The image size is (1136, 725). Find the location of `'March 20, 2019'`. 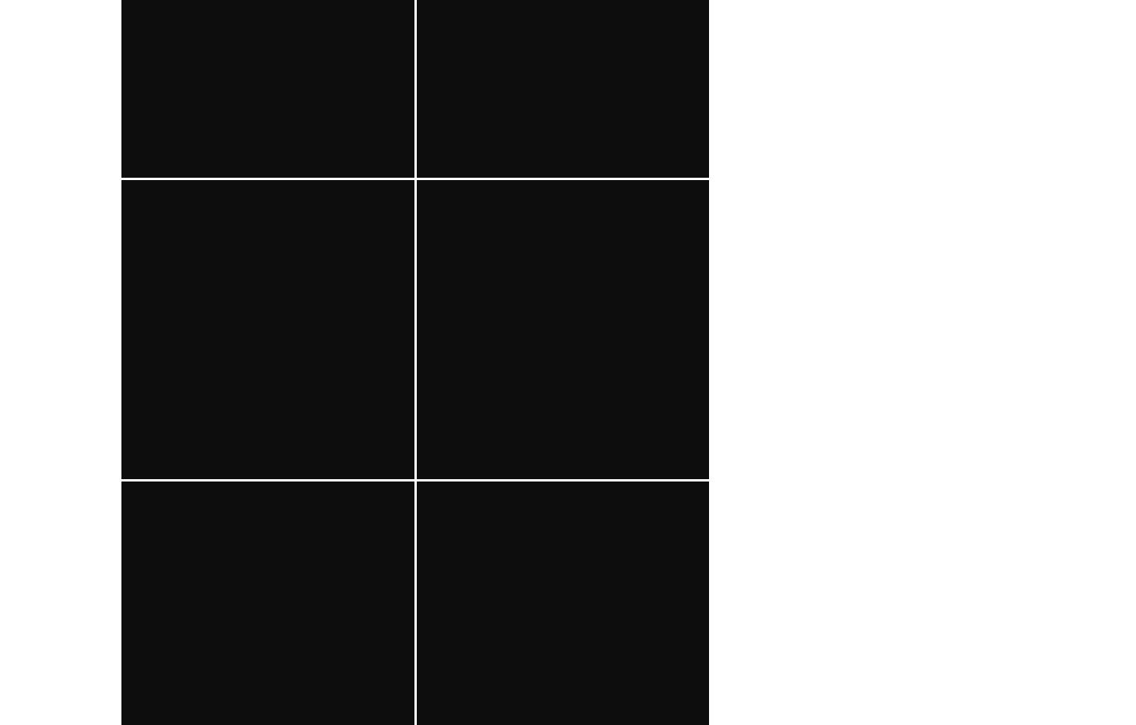

'March 20, 2019' is located at coordinates (636, 558).